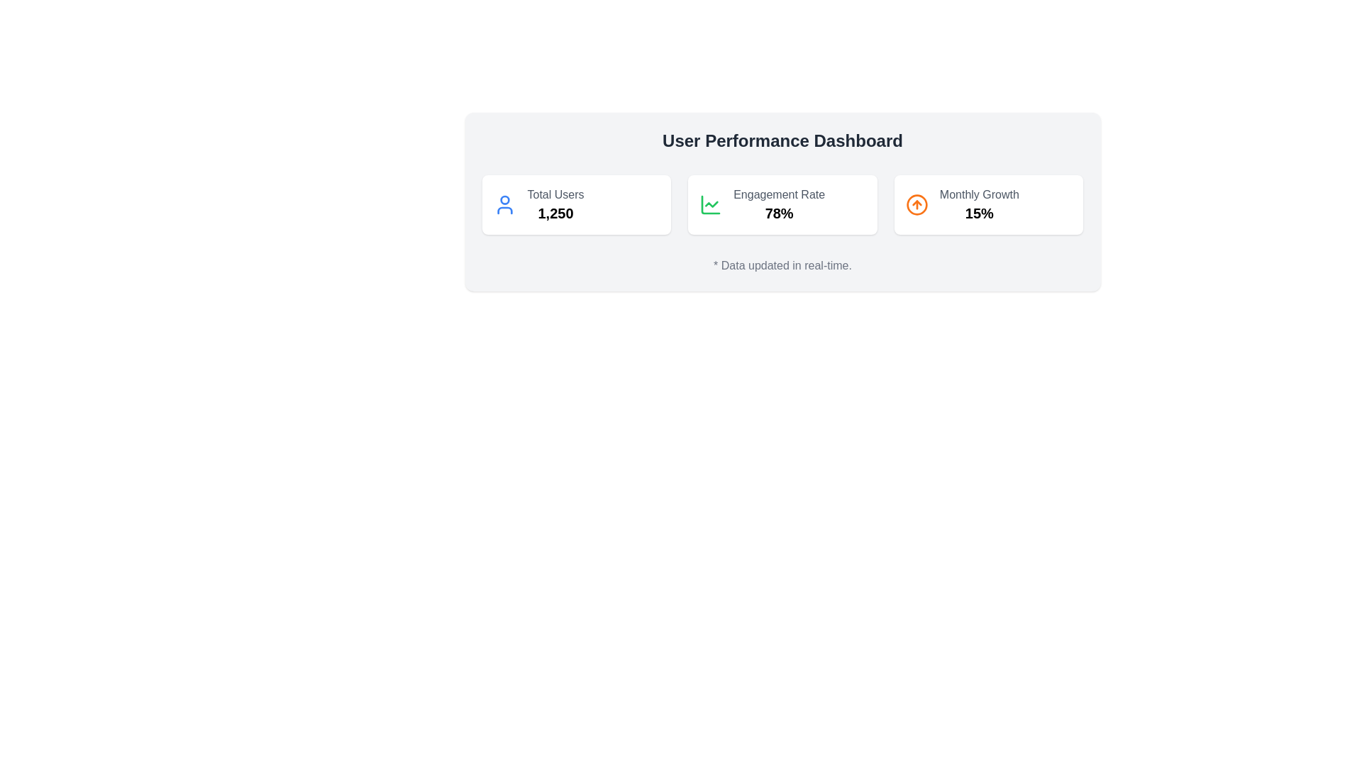 The height and width of the screenshot is (766, 1362). What do you see at coordinates (917, 205) in the screenshot?
I see `the decorative circular boundary graphic element within the 'Monthly Growth' icon on the User Performance Dashboard` at bounding box center [917, 205].